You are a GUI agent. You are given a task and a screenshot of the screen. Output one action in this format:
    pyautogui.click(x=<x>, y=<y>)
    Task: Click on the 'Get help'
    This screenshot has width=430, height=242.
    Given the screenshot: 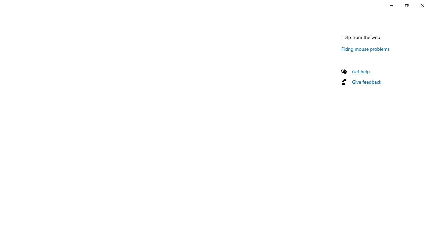 What is the action you would take?
    pyautogui.click(x=360, y=71)
    